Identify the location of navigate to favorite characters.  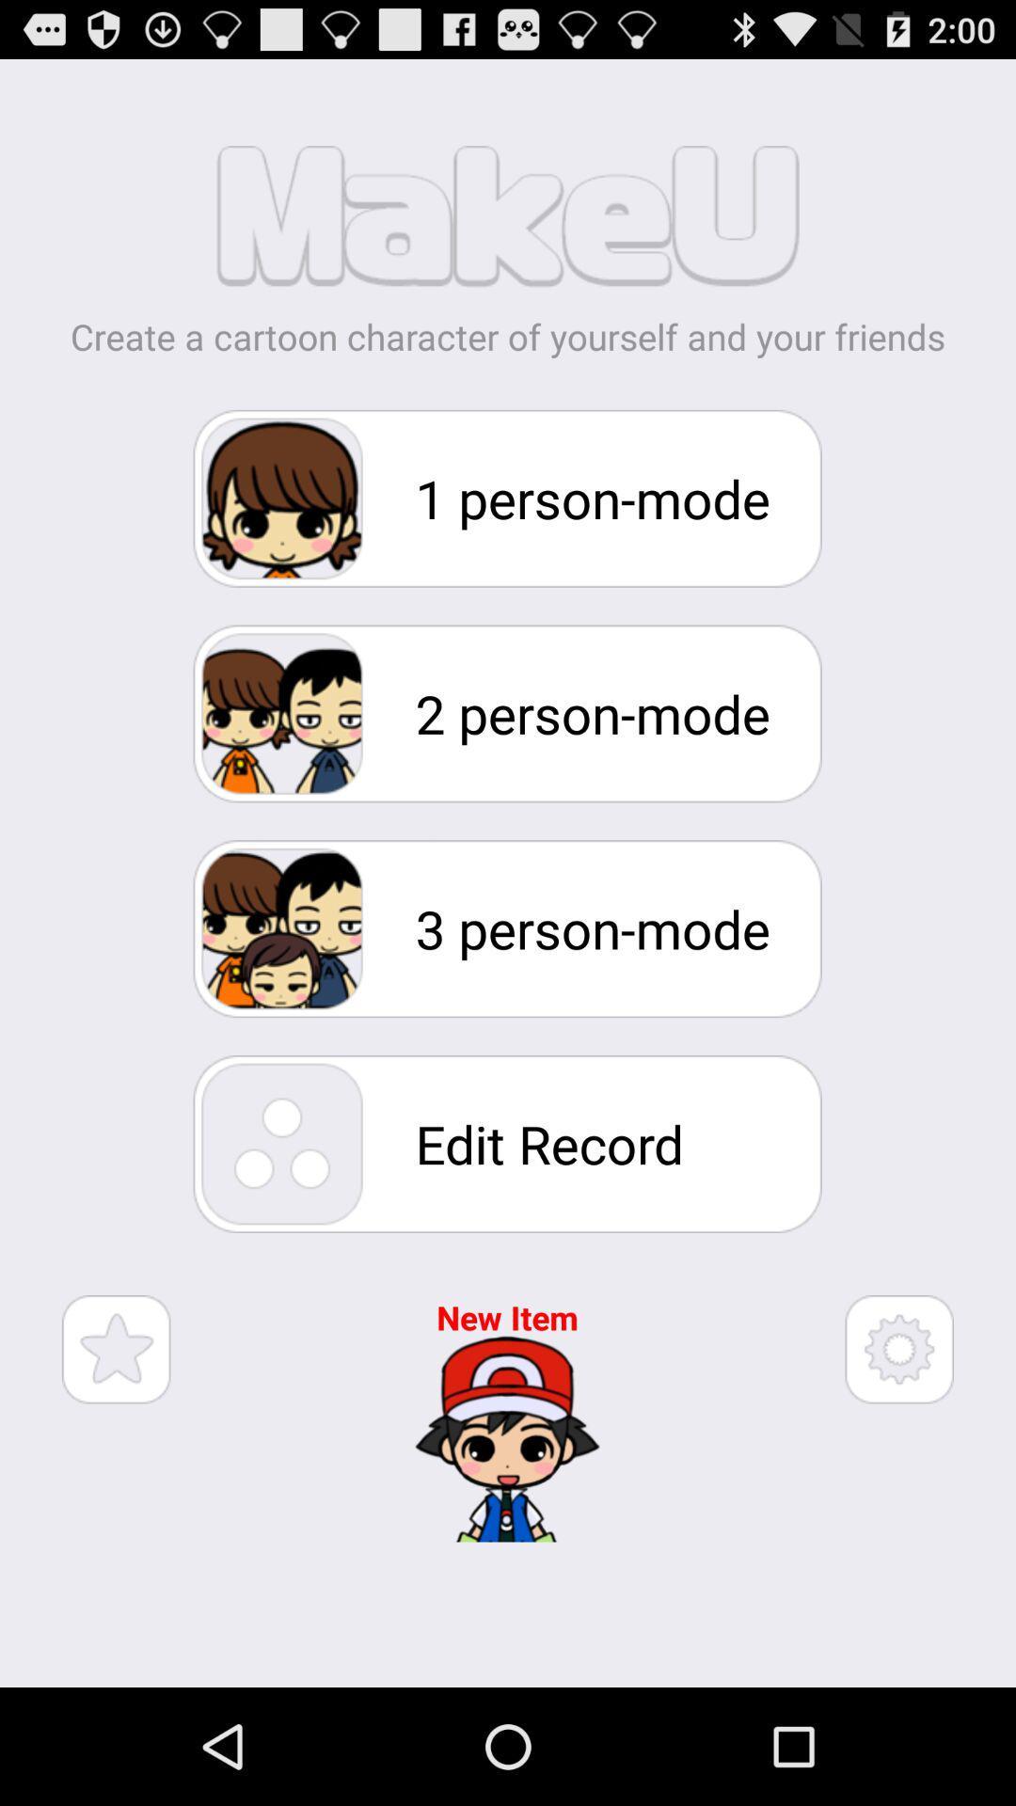
(116, 1348).